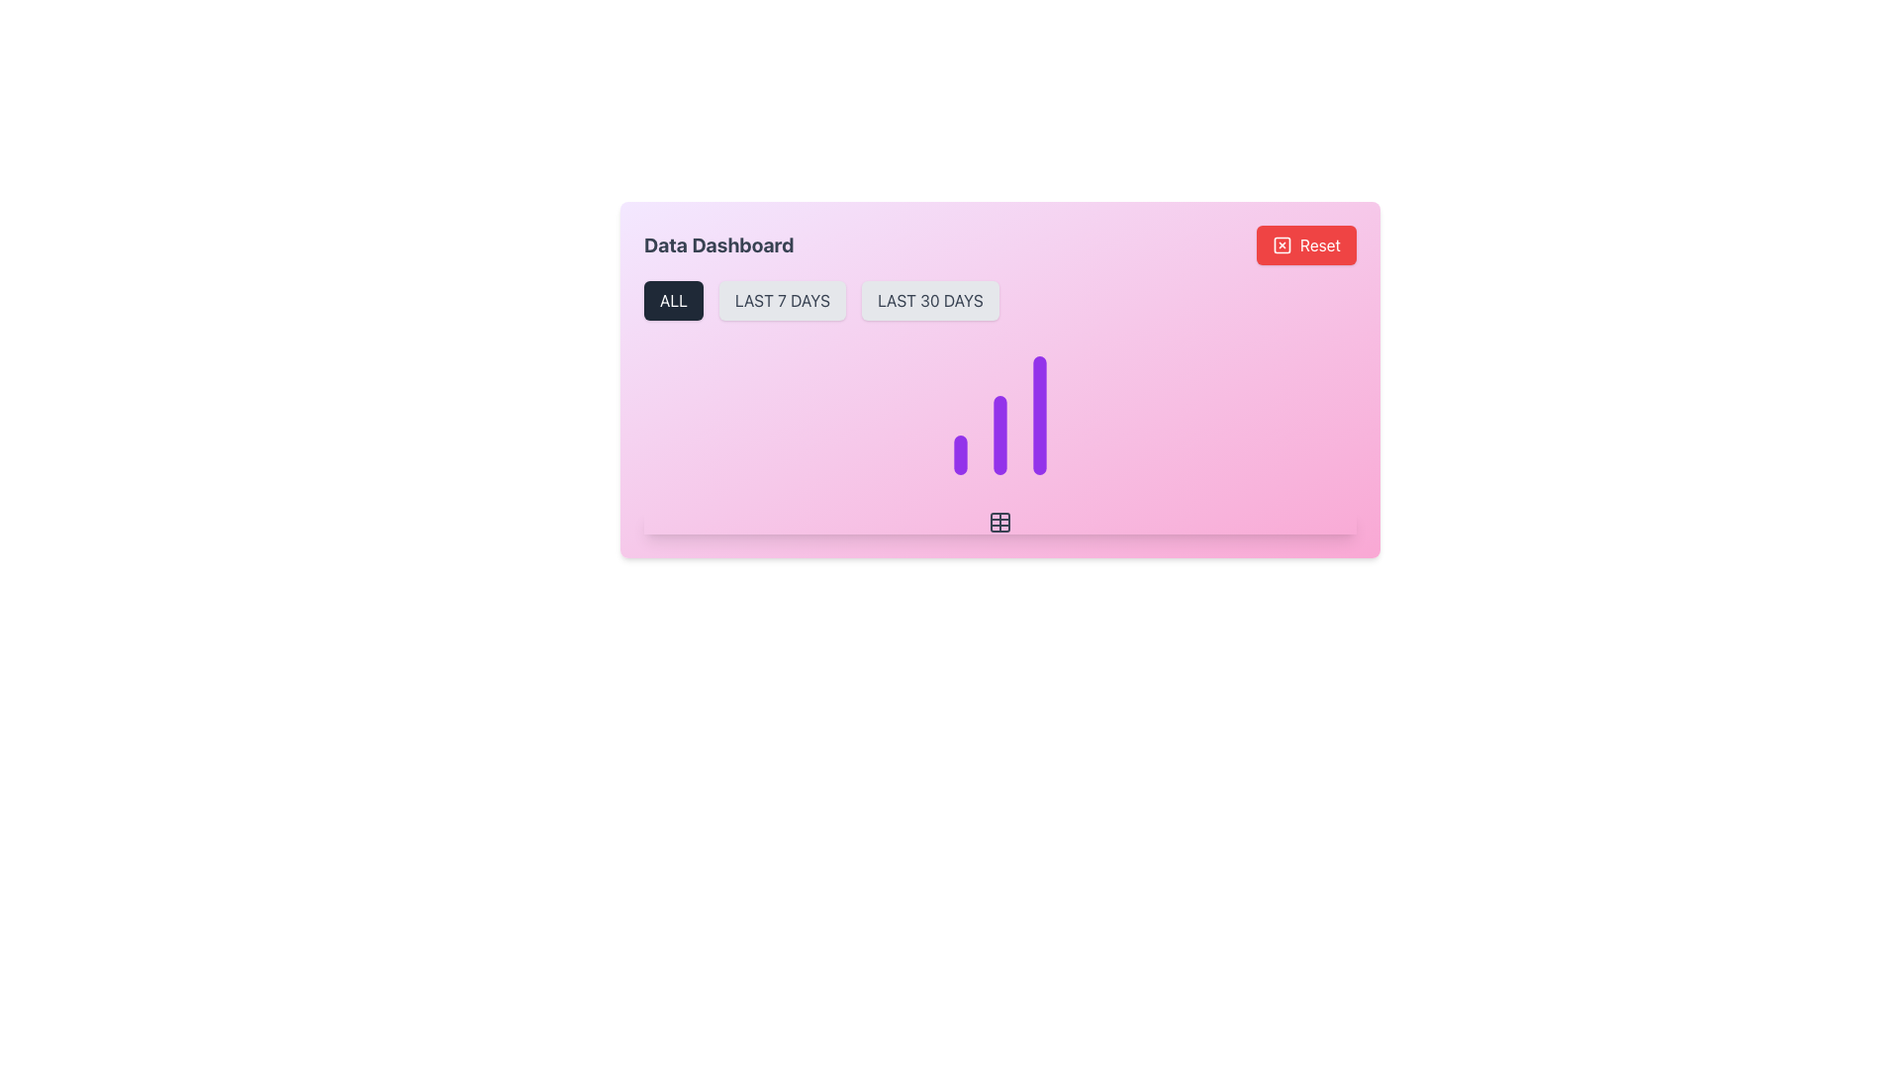 This screenshot has height=1069, width=1900. Describe the element at coordinates (1320, 243) in the screenshot. I see `the label indicating the functionality of the reset button located in the upper right corner of the widget` at that location.